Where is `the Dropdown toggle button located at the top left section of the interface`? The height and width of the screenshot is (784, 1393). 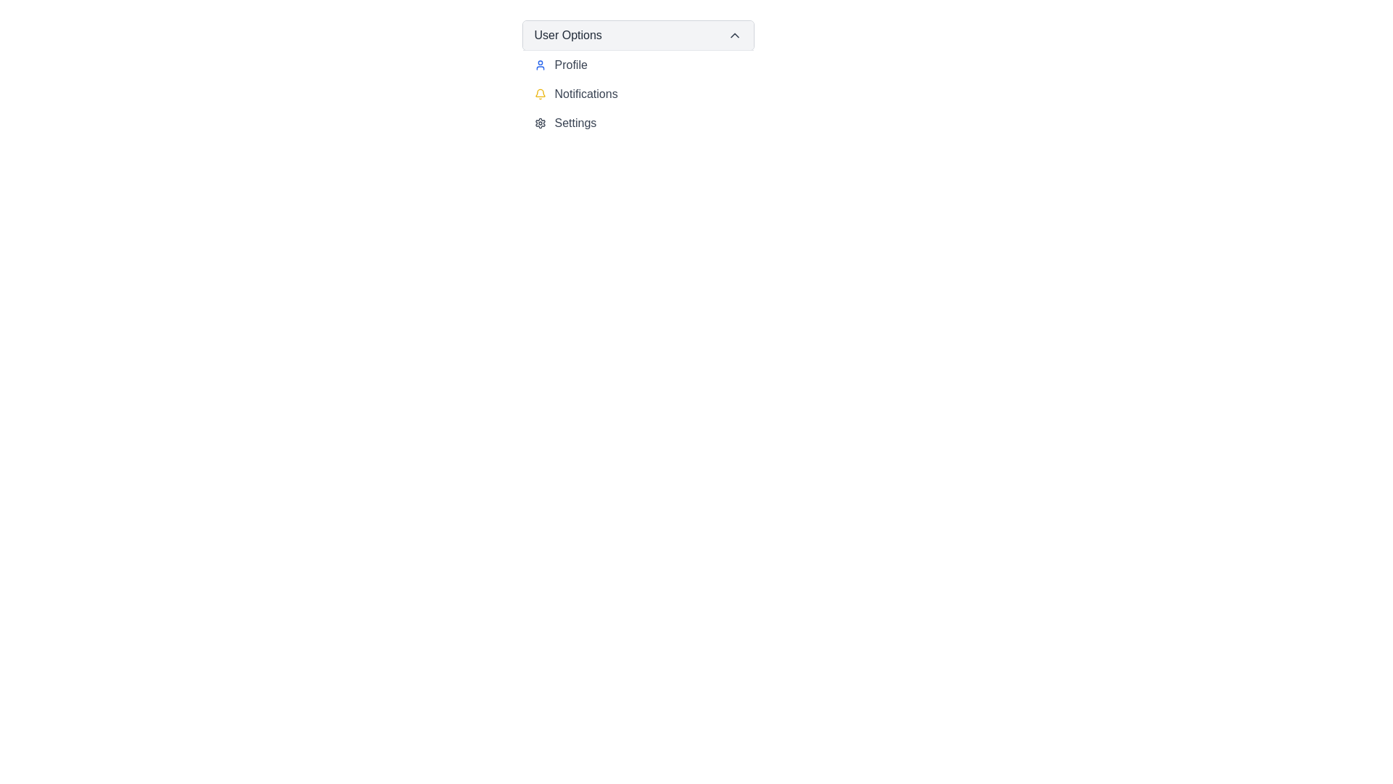
the Dropdown toggle button located at the top left section of the interface is located at coordinates (638, 35).